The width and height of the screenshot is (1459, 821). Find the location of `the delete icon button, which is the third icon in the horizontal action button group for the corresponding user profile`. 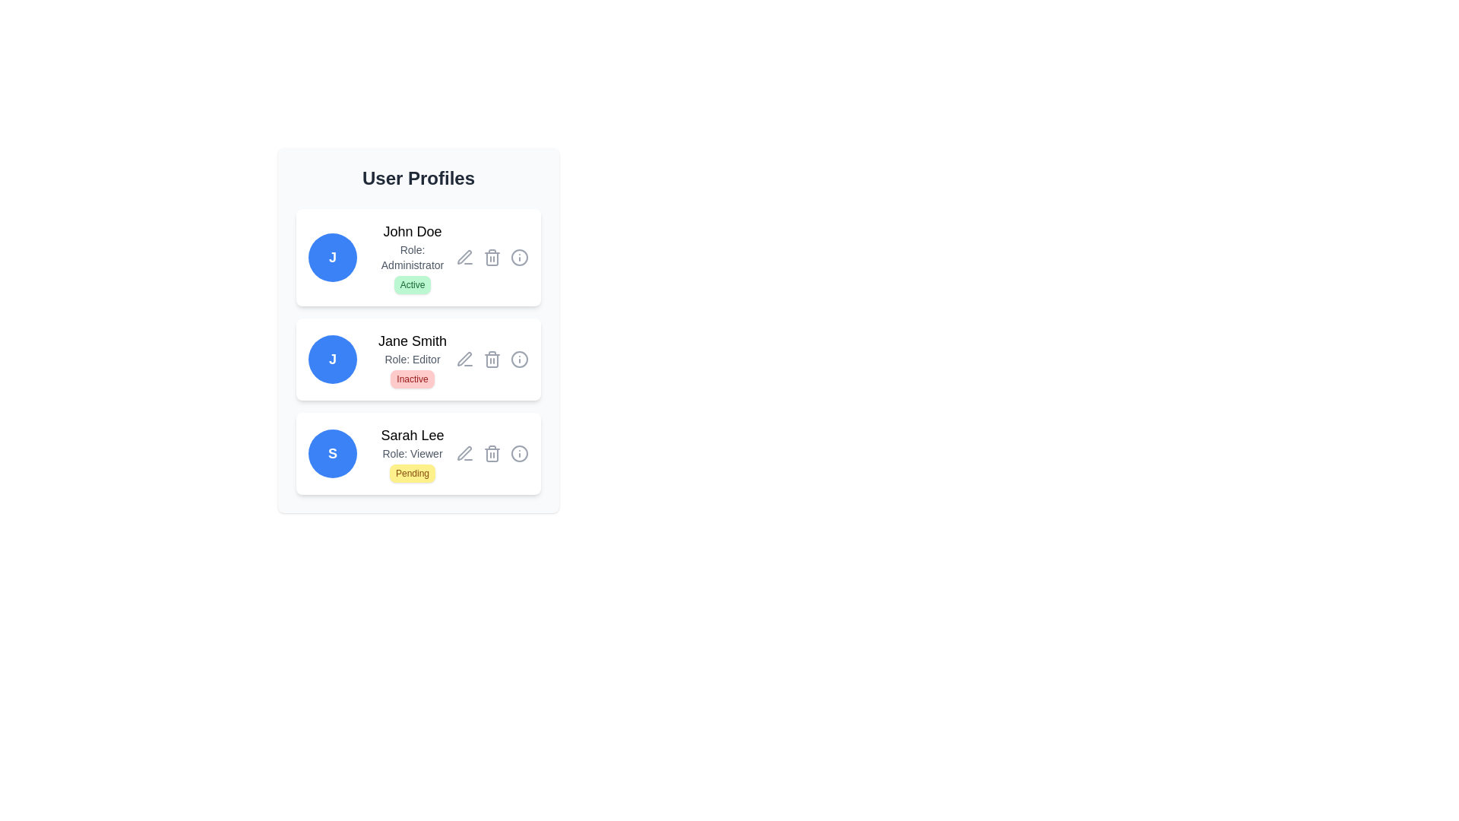

the delete icon button, which is the third icon in the horizontal action button group for the corresponding user profile is located at coordinates (492, 453).